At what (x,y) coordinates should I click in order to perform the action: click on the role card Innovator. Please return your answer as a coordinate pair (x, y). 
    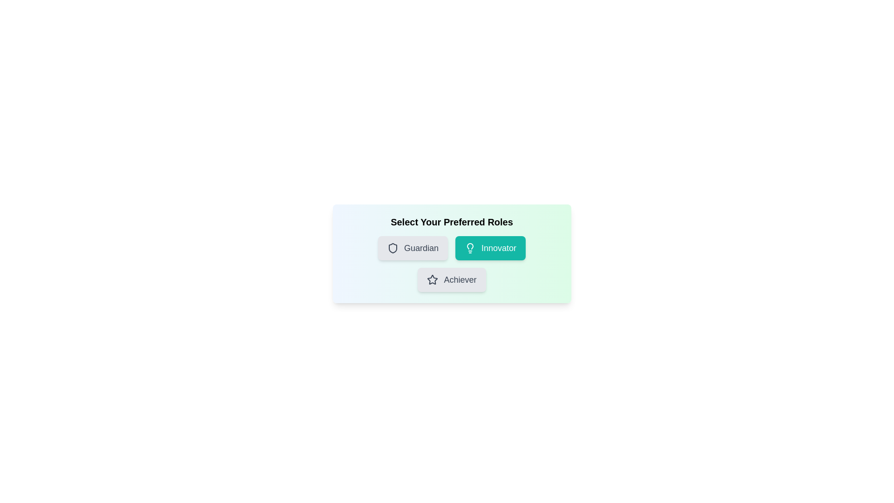
    Looking at the image, I should click on (490, 247).